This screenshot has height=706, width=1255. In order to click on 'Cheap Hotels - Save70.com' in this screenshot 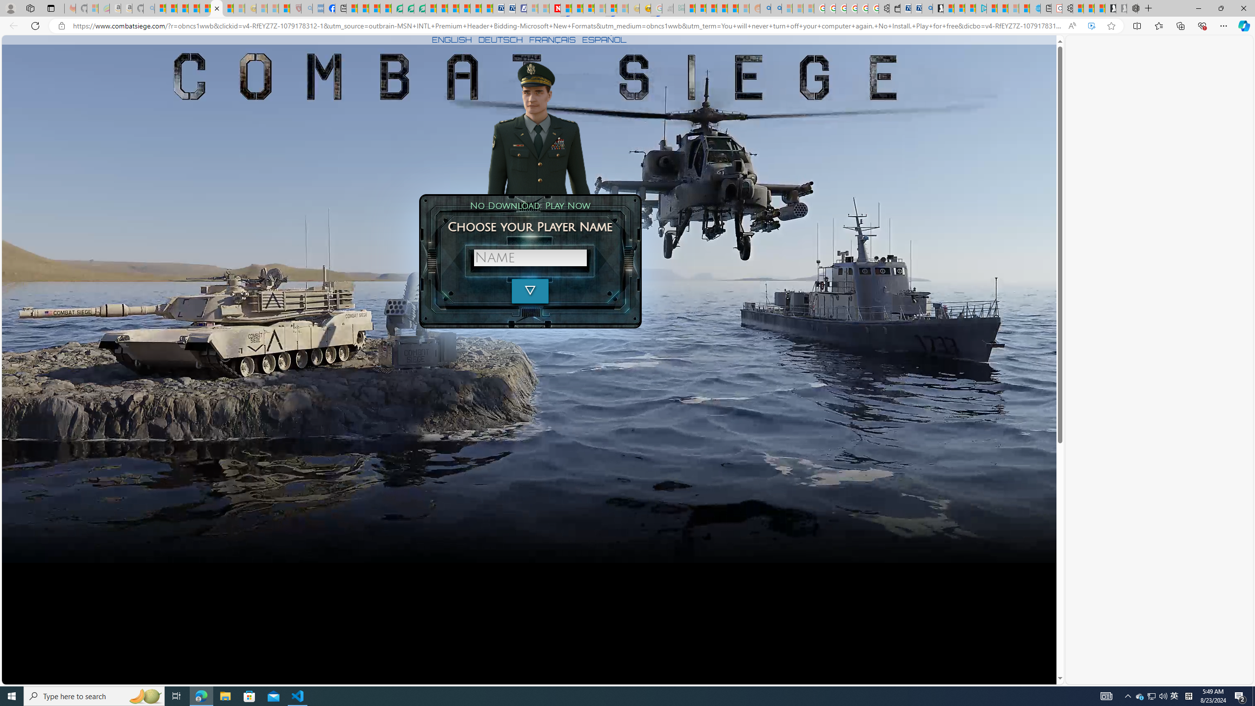, I will do `click(509, 8)`.